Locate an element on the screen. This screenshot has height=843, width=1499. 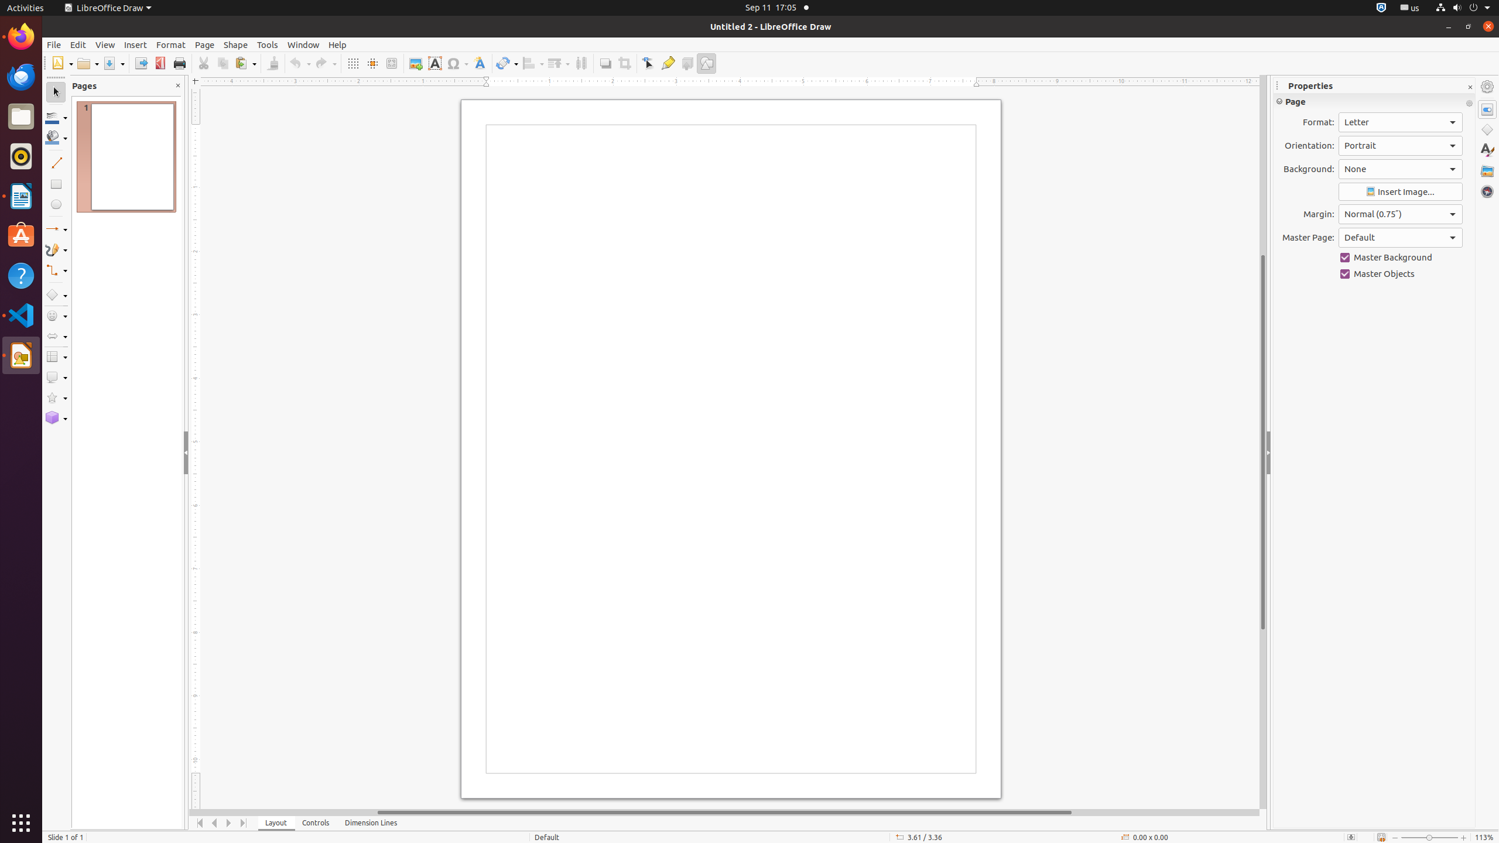
'PDF' is located at coordinates (160, 63).